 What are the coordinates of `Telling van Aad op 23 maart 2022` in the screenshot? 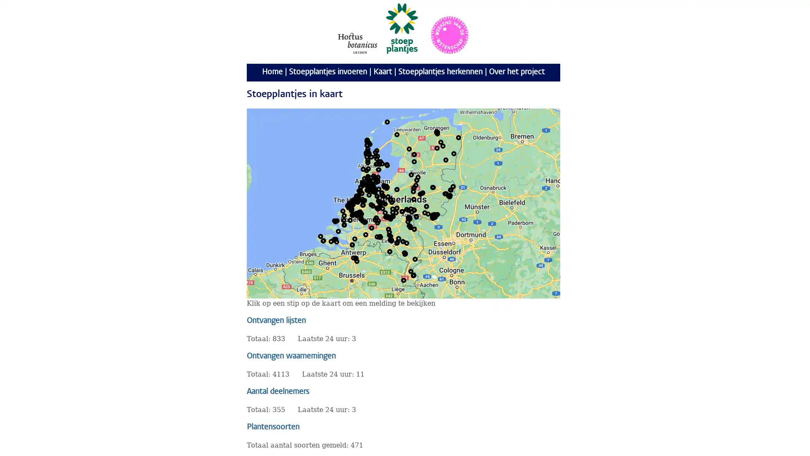 It's located at (352, 214).